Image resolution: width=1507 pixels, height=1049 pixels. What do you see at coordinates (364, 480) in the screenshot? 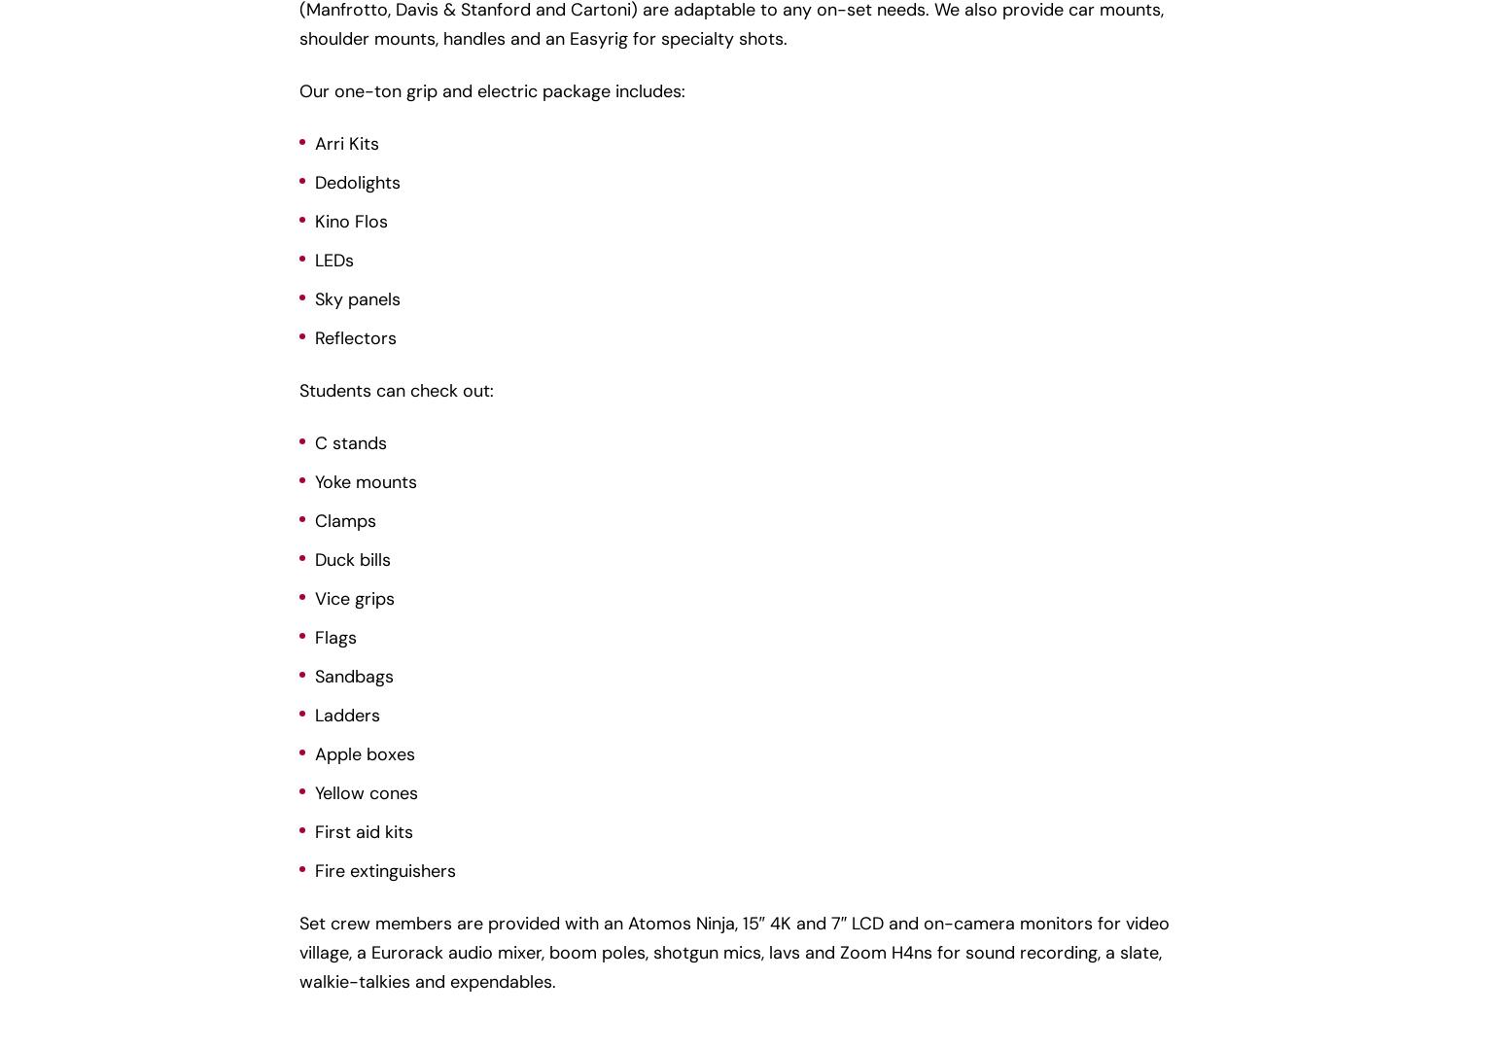
I see `'Yoke mounts'` at bounding box center [364, 480].